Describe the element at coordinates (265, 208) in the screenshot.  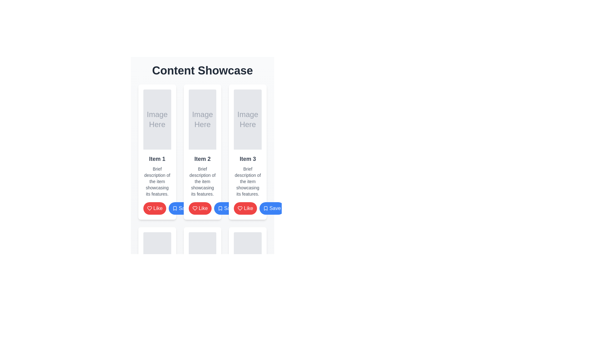
I see `the small white bookmark-shaped icon located inside the 'Save' button of the third item in the list` at that location.